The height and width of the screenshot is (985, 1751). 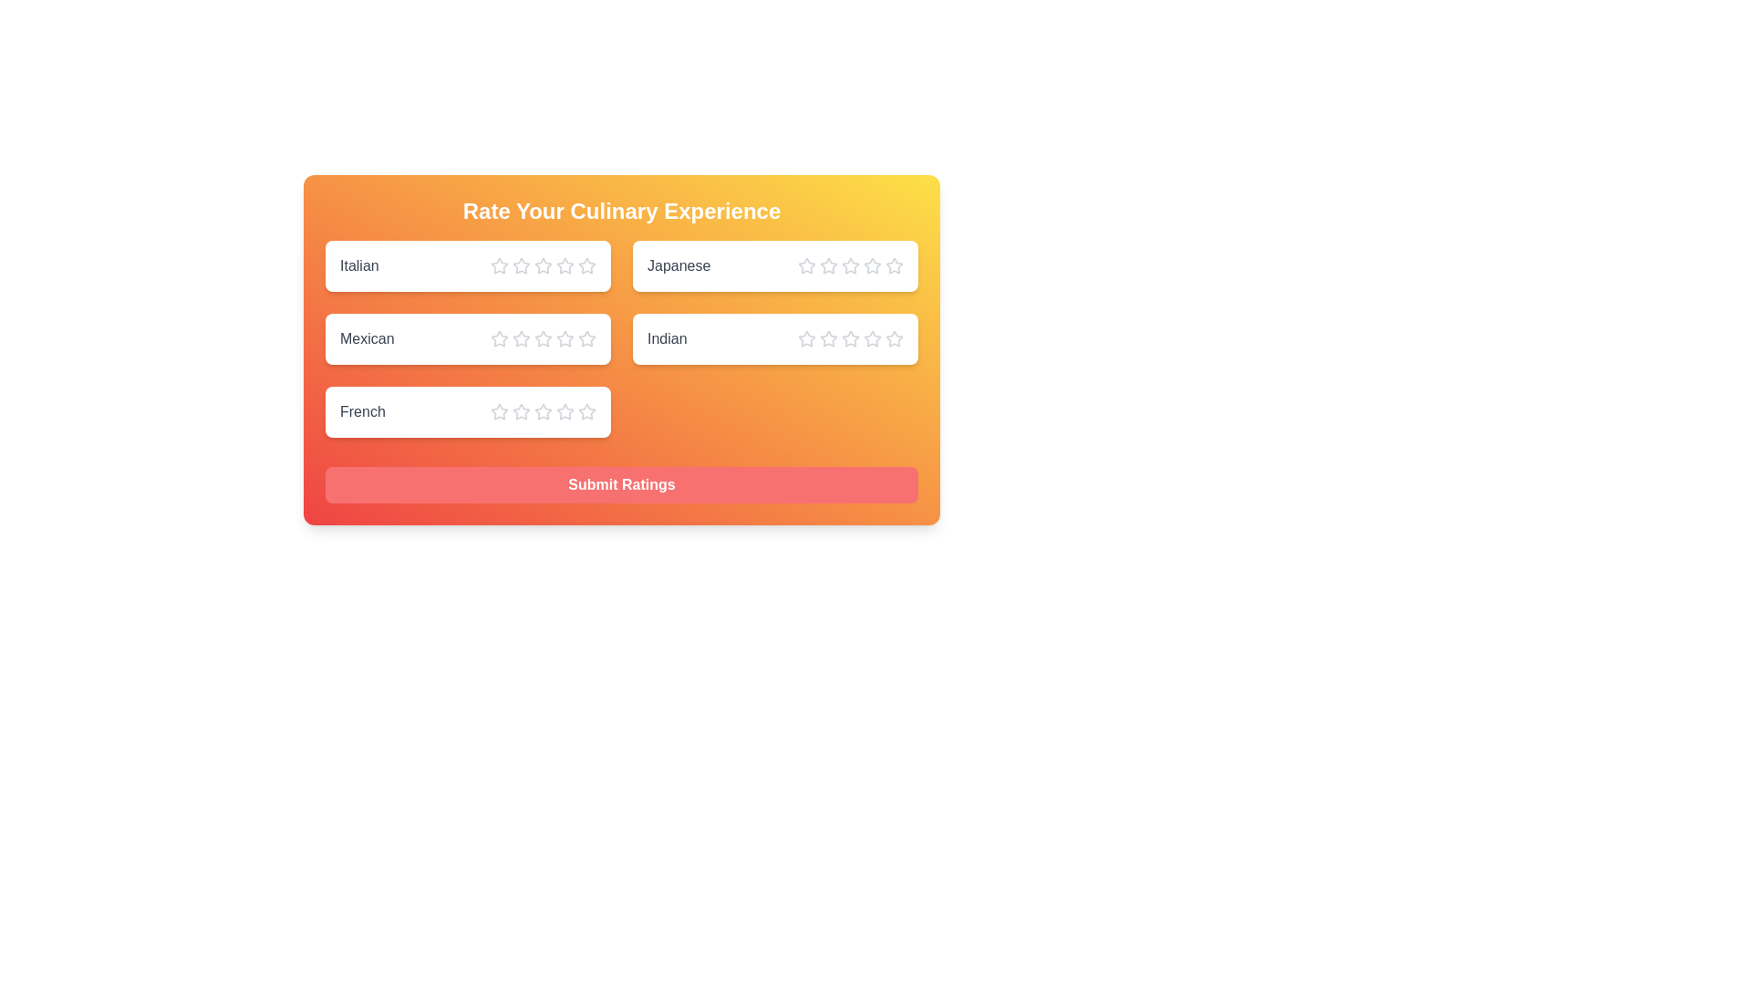 What do you see at coordinates (894, 338) in the screenshot?
I see `the star corresponding to the rating 5 for the cuisine Indian` at bounding box center [894, 338].